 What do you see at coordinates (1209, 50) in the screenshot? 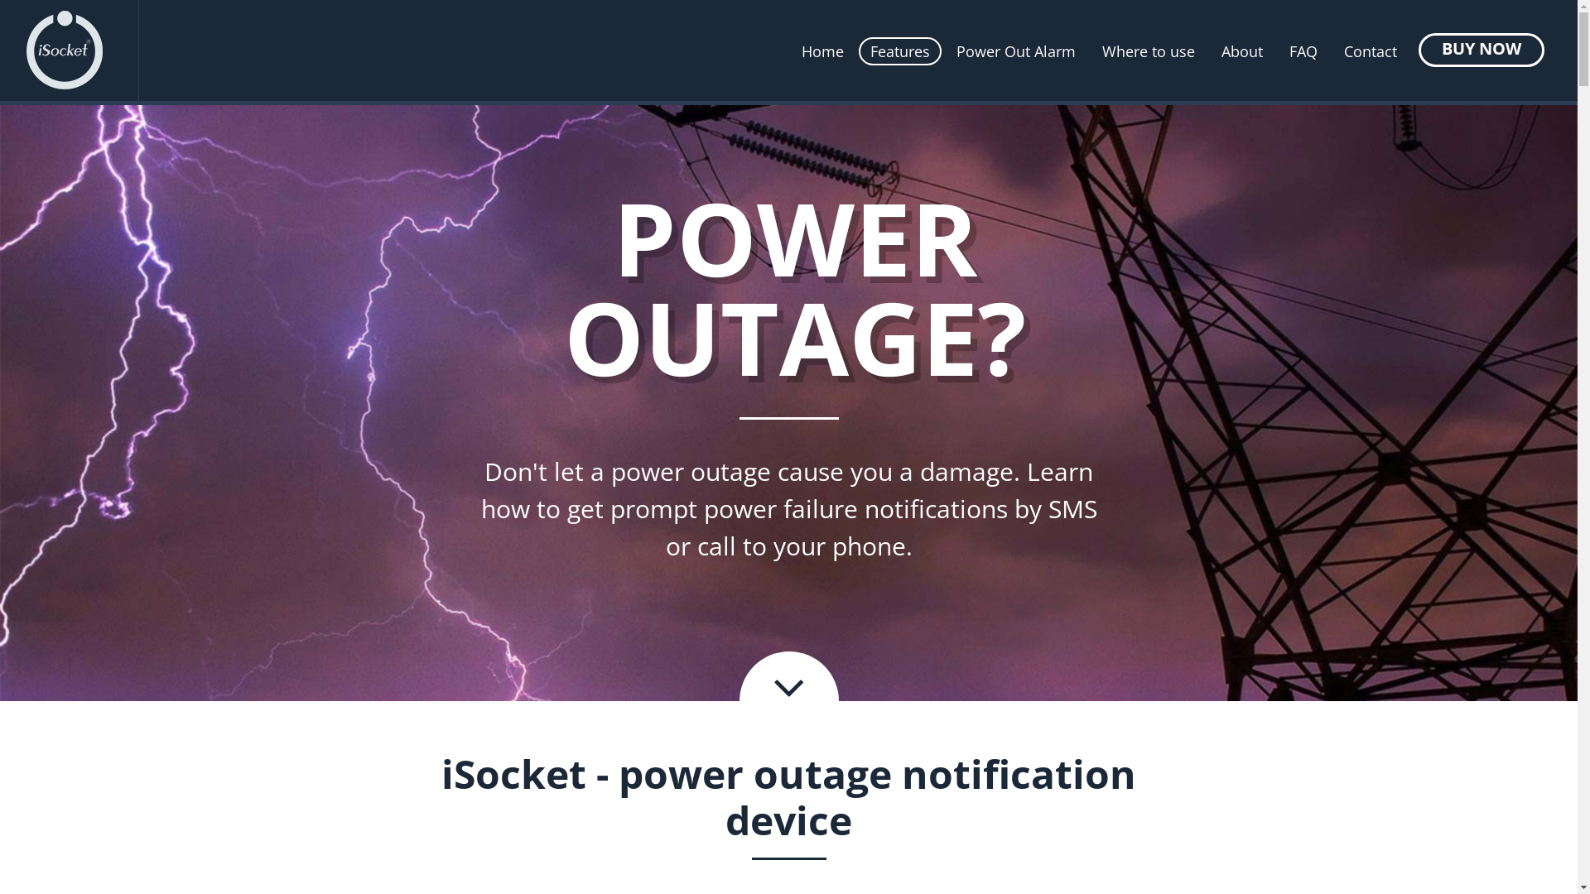
I see `'About'` at bounding box center [1209, 50].